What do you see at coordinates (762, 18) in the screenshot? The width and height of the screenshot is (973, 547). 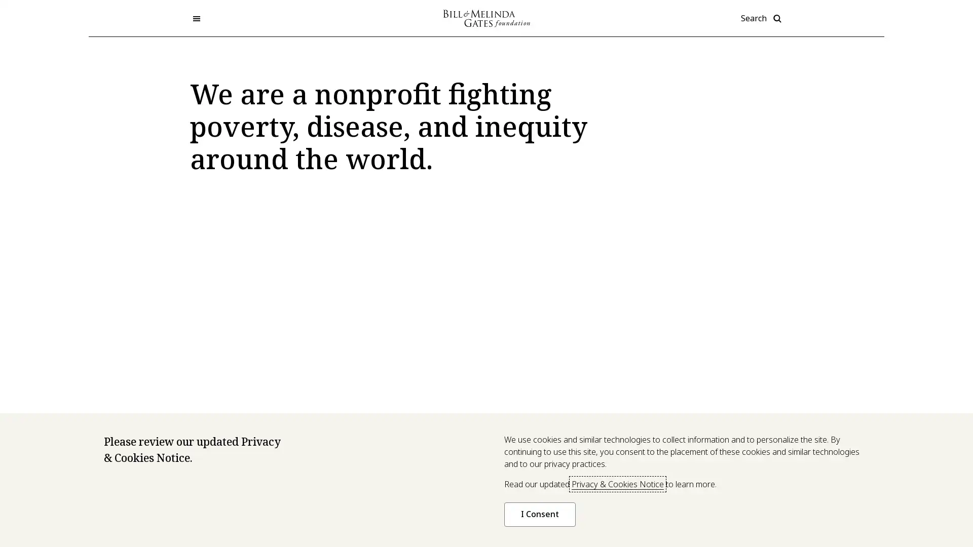 I see `show search input` at bounding box center [762, 18].